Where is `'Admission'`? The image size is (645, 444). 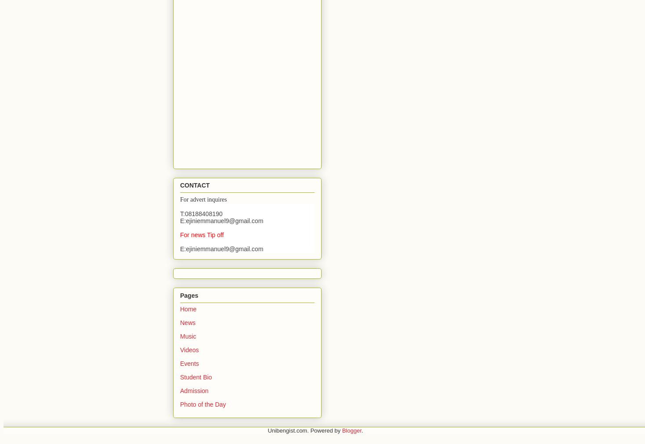
'Admission' is located at coordinates (194, 390).